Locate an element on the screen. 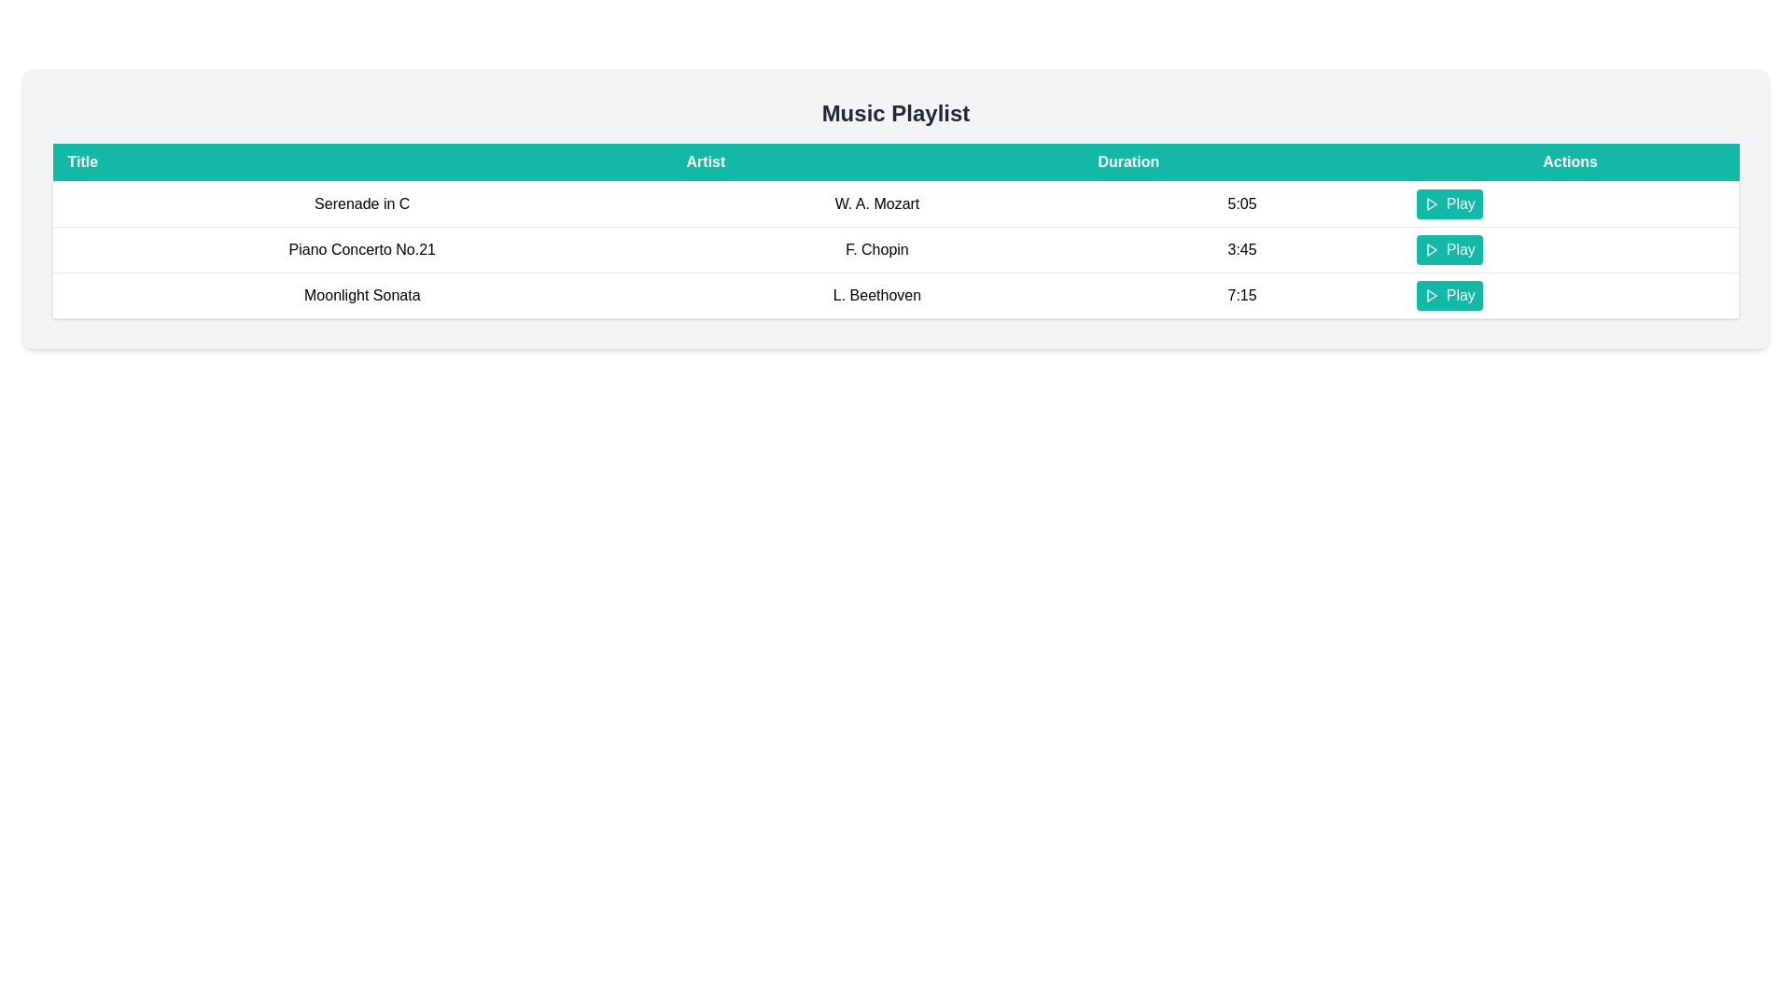 The width and height of the screenshot is (1792, 1008). the SVG icon within the 'Play' button located is located at coordinates (1430, 294).